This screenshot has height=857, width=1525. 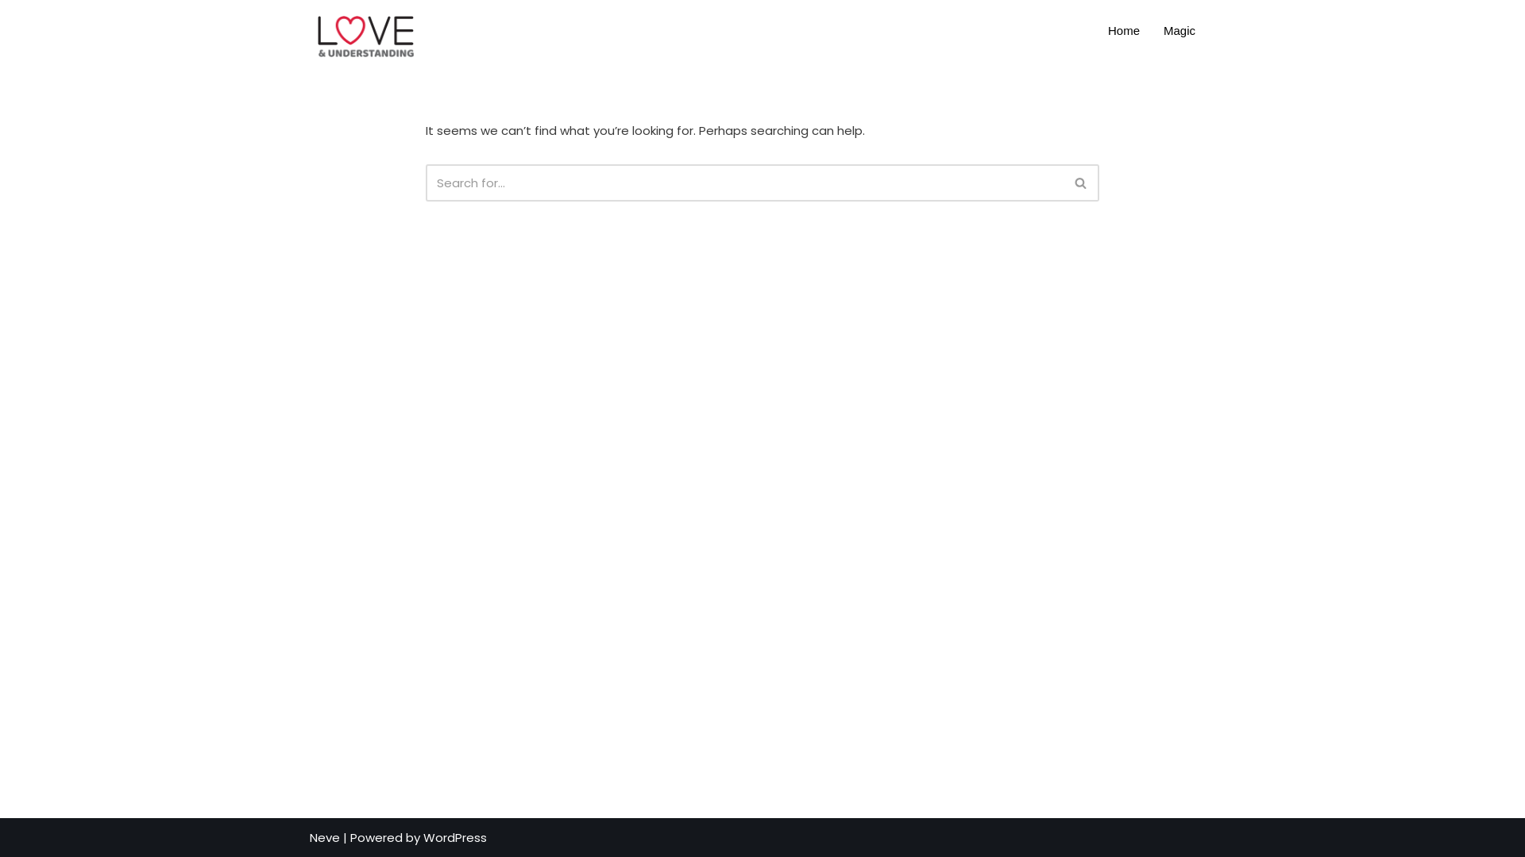 What do you see at coordinates (1123, 30) in the screenshot?
I see `'Home'` at bounding box center [1123, 30].